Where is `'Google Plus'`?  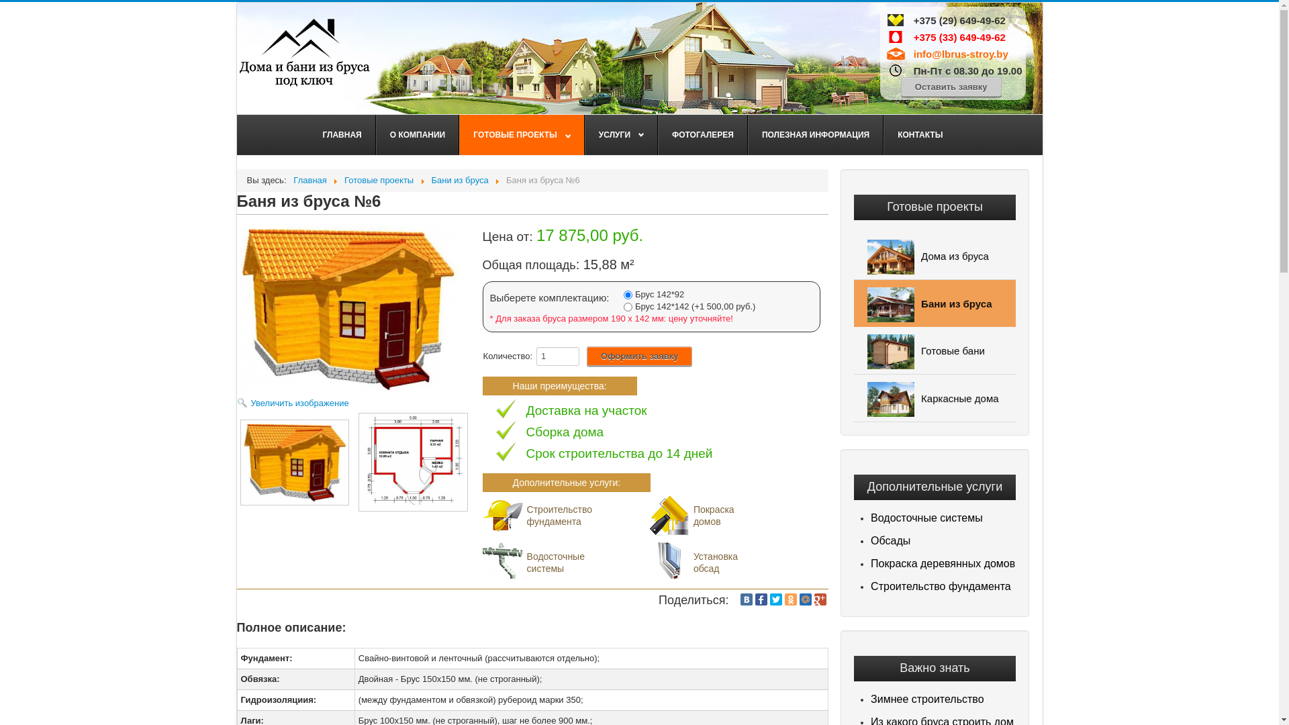 'Google Plus' is located at coordinates (814, 599).